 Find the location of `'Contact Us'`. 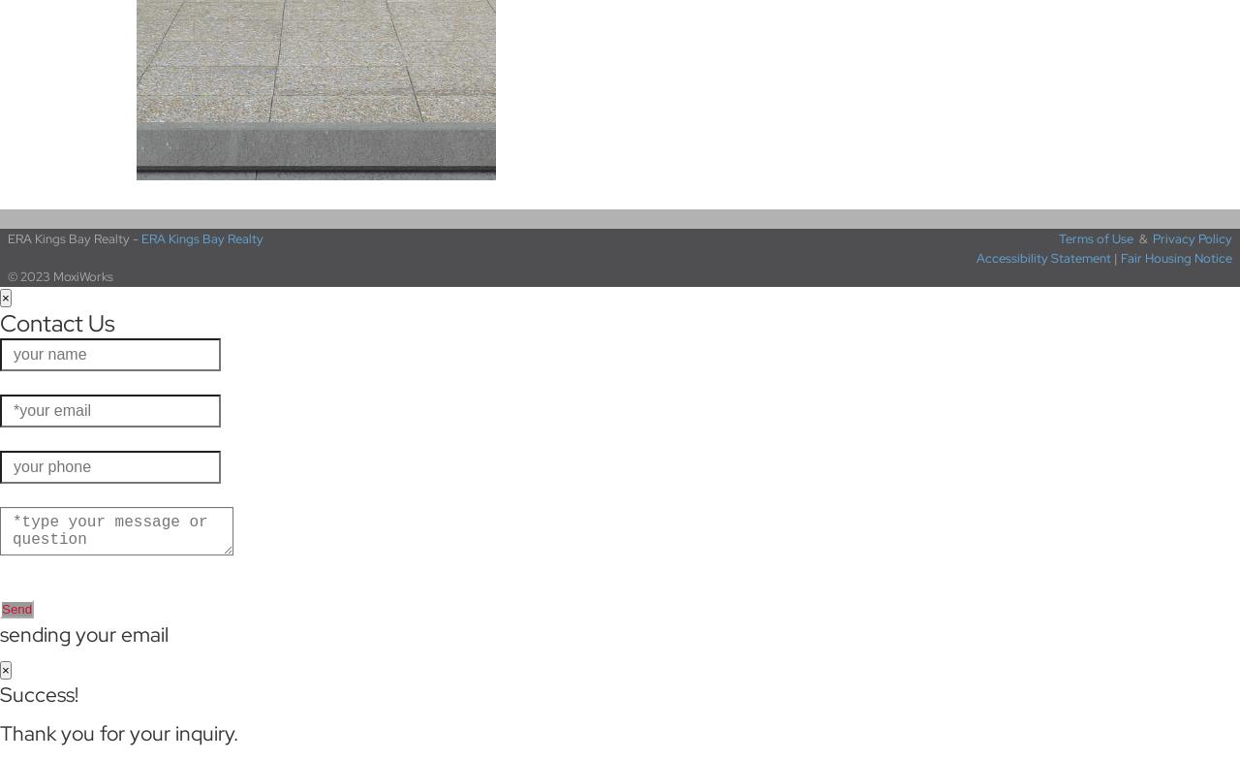

'Contact Us' is located at coordinates (57, 323).